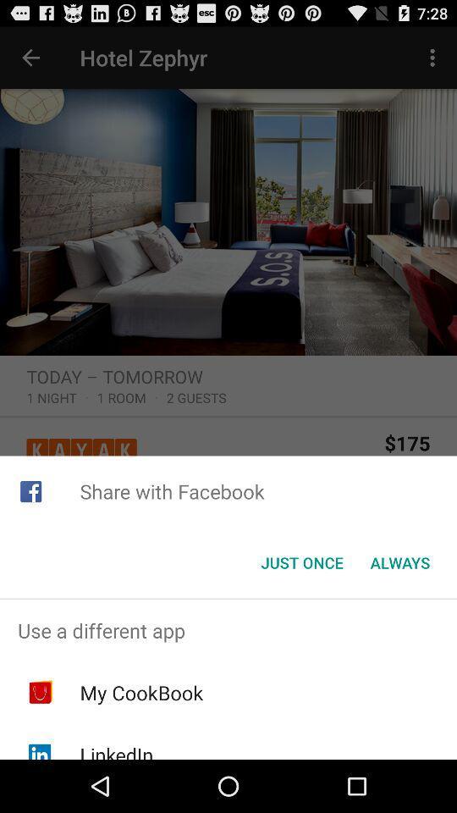 The height and width of the screenshot is (813, 457). I want to click on the icon next to just once, so click(399, 562).